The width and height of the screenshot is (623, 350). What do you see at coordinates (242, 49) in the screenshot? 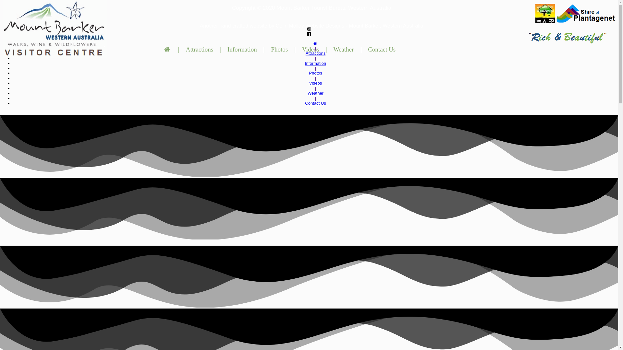
I see `'Information'` at bounding box center [242, 49].